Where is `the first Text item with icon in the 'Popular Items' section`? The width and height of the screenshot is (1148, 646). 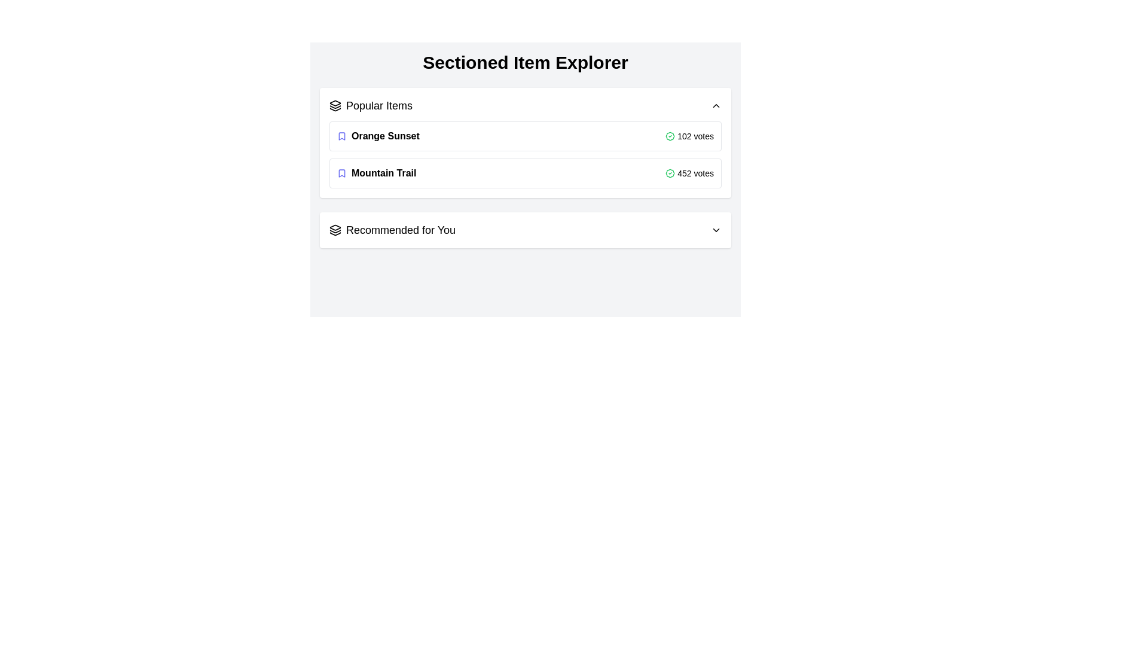
the first Text item with icon in the 'Popular Items' section is located at coordinates (377, 135).